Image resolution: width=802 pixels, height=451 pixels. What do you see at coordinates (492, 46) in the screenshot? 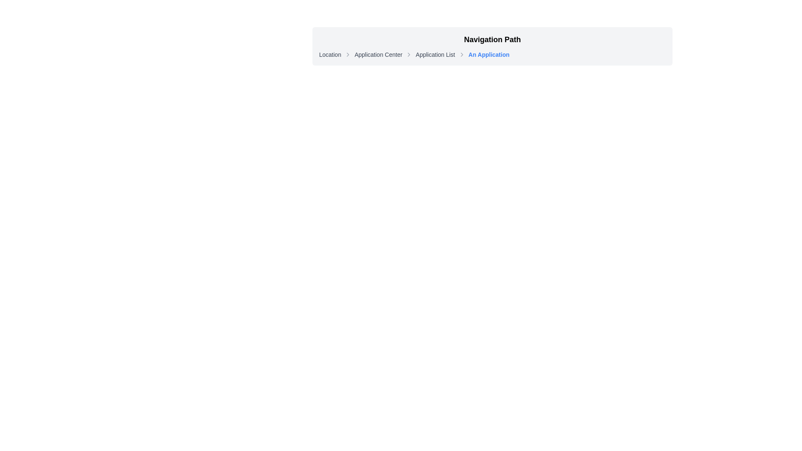
I see `the 'An Application' link in the Breadcrumb Navigation Bar` at bounding box center [492, 46].